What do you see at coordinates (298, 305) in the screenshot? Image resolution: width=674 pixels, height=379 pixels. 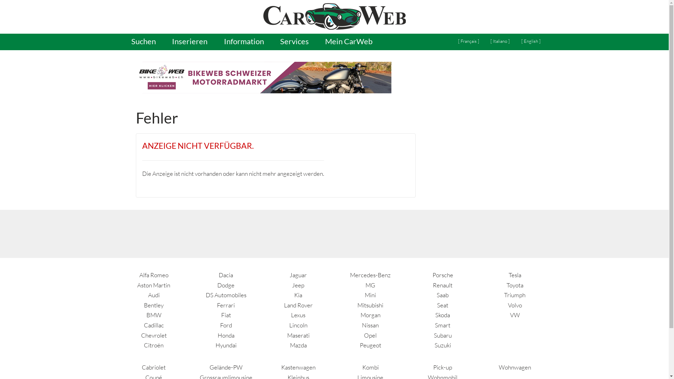 I see `'Land Rover'` at bounding box center [298, 305].